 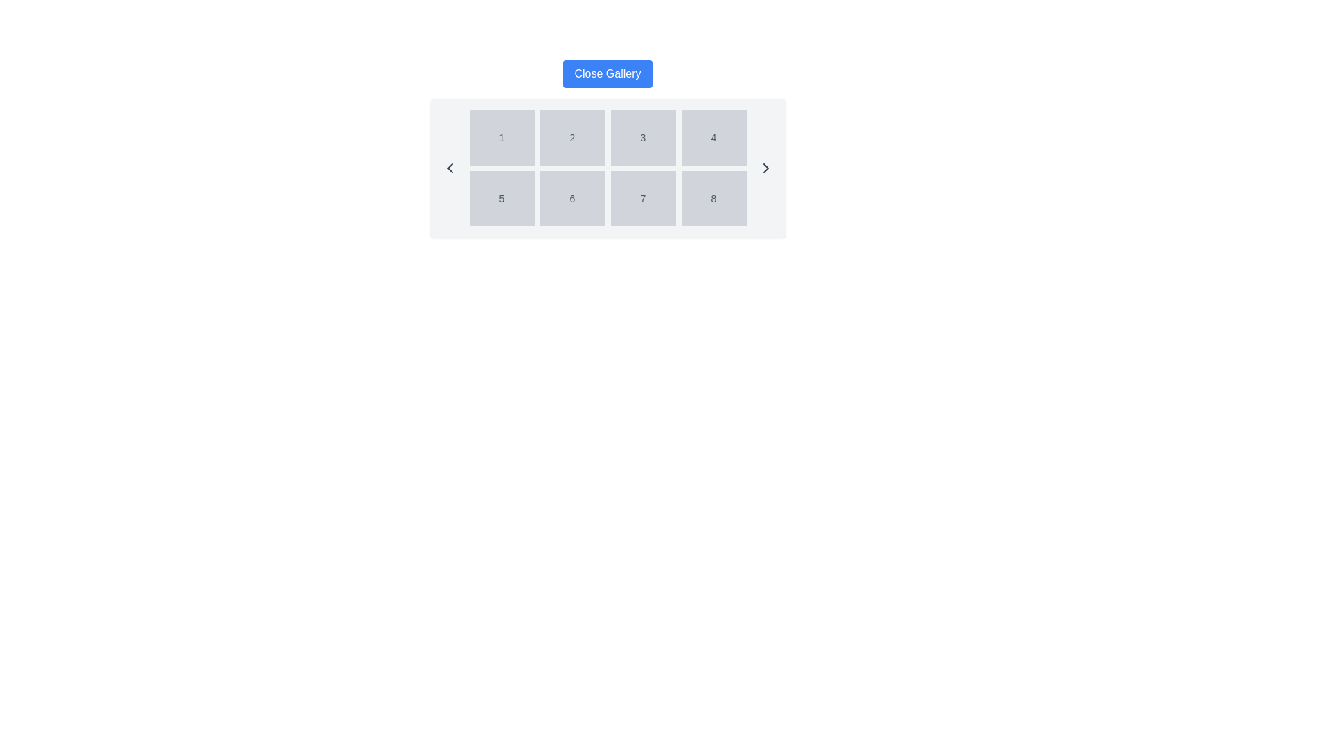 What do you see at coordinates (642, 138) in the screenshot?
I see `the button labeled '3', which is positioned in the first row and third column of a 2x4 grid layout` at bounding box center [642, 138].